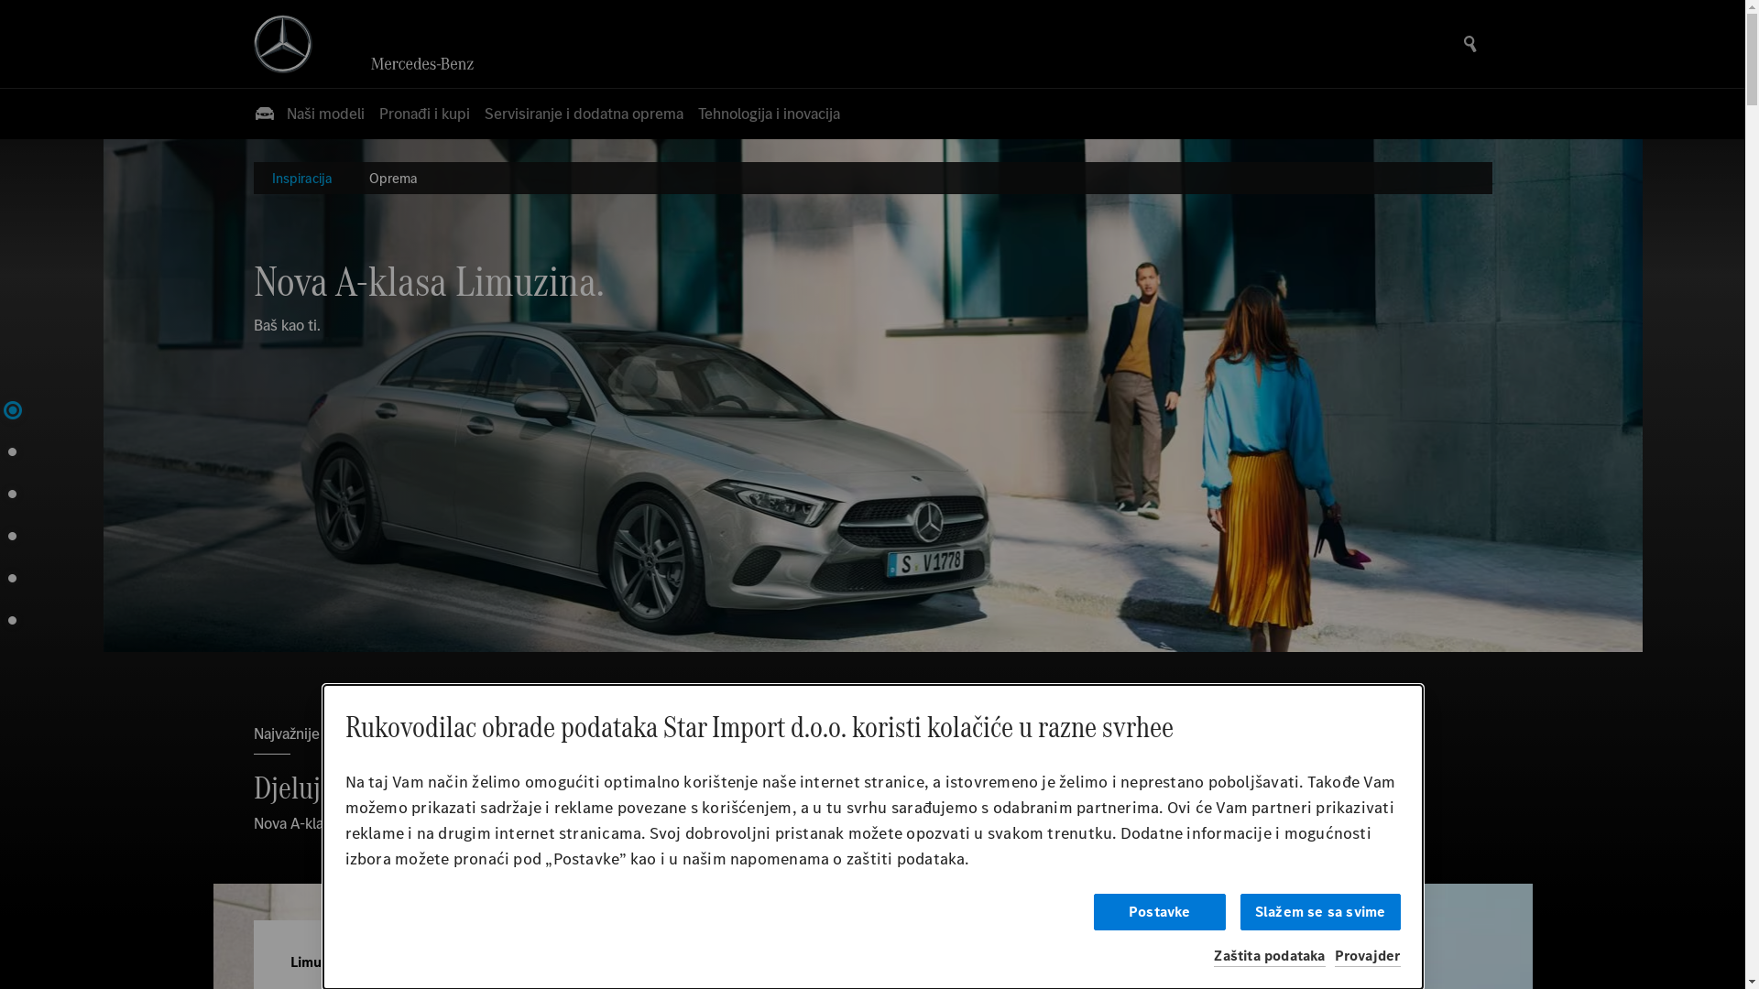 Image resolution: width=1759 pixels, height=989 pixels. I want to click on 'Tehnologija i inovacija', so click(689, 113).